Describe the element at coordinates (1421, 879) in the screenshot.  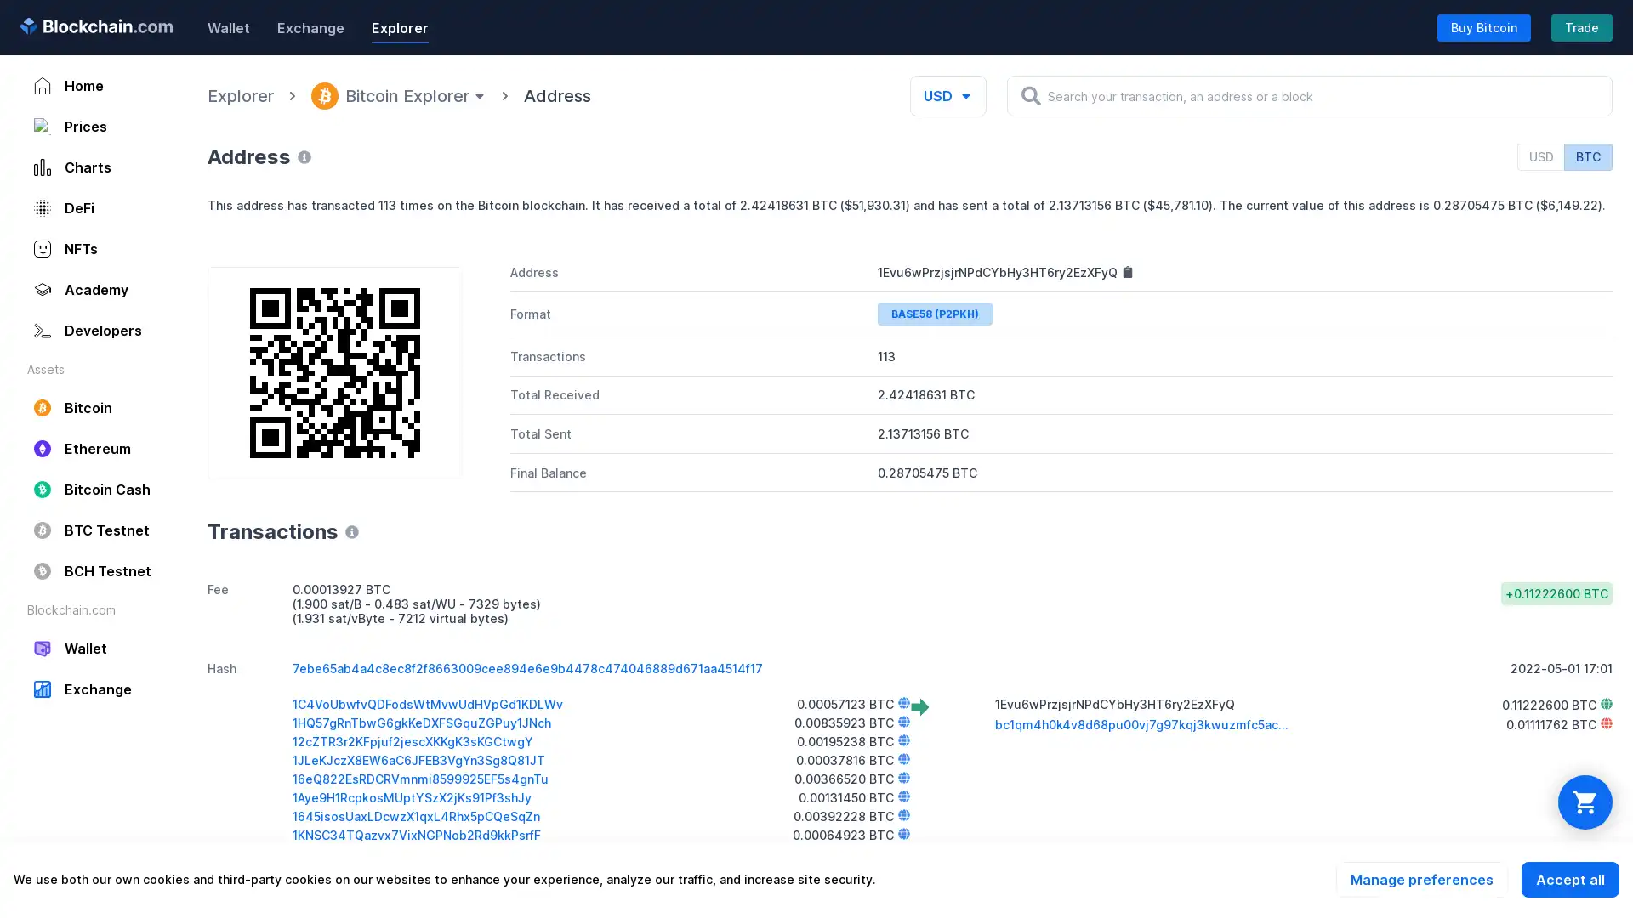
I see `Manage preferences` at that location.